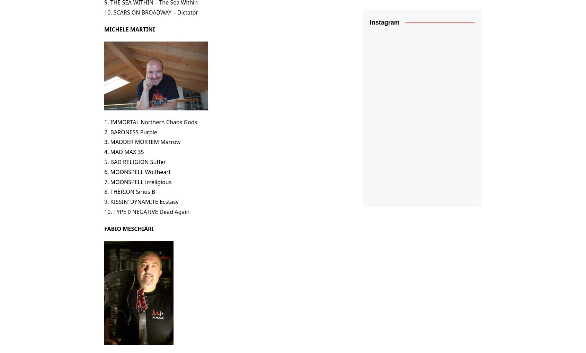  What do you see at coordinates (124, 152) in the screenshot?
I see `'4. MAD MAX 35'` at bounding box center [124, 152].